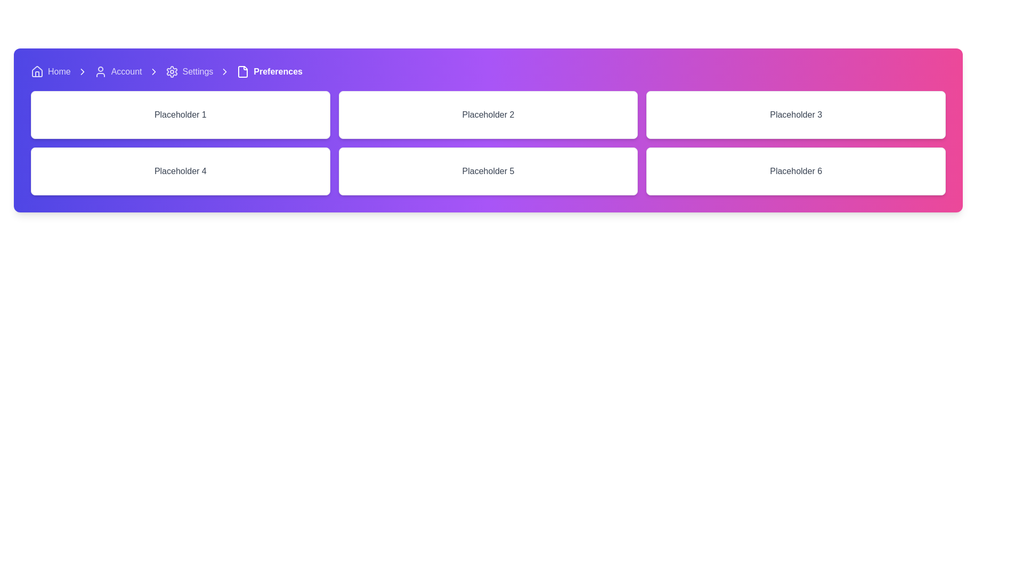  Describe the element at coordinates (50, 72) in the screenshot. I see `the 'Home' navigation link with text and icon located at the far left of the breadcrumb navigation bar` at that location.